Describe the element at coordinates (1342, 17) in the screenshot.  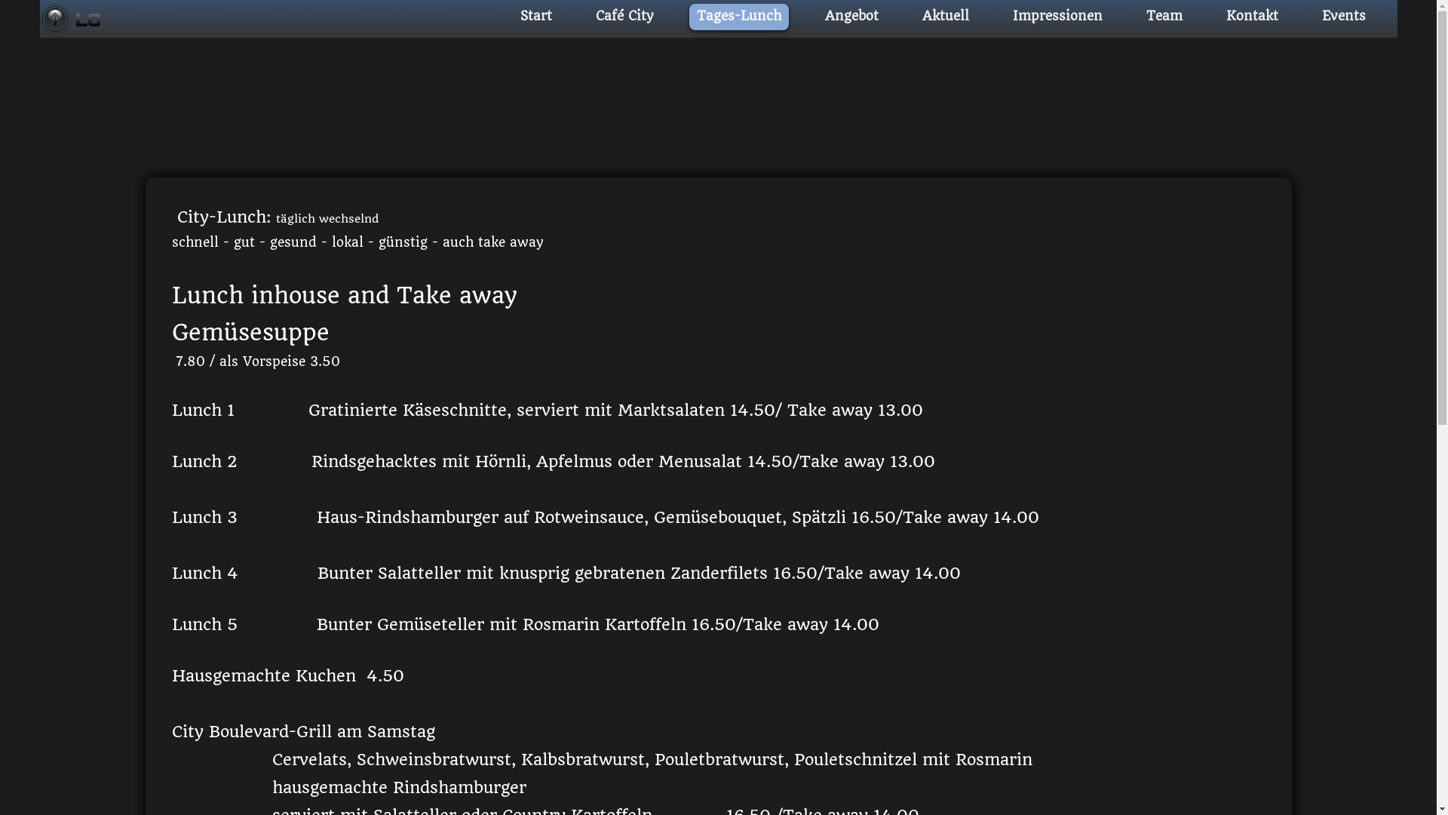
I see `'Events'` at that location.